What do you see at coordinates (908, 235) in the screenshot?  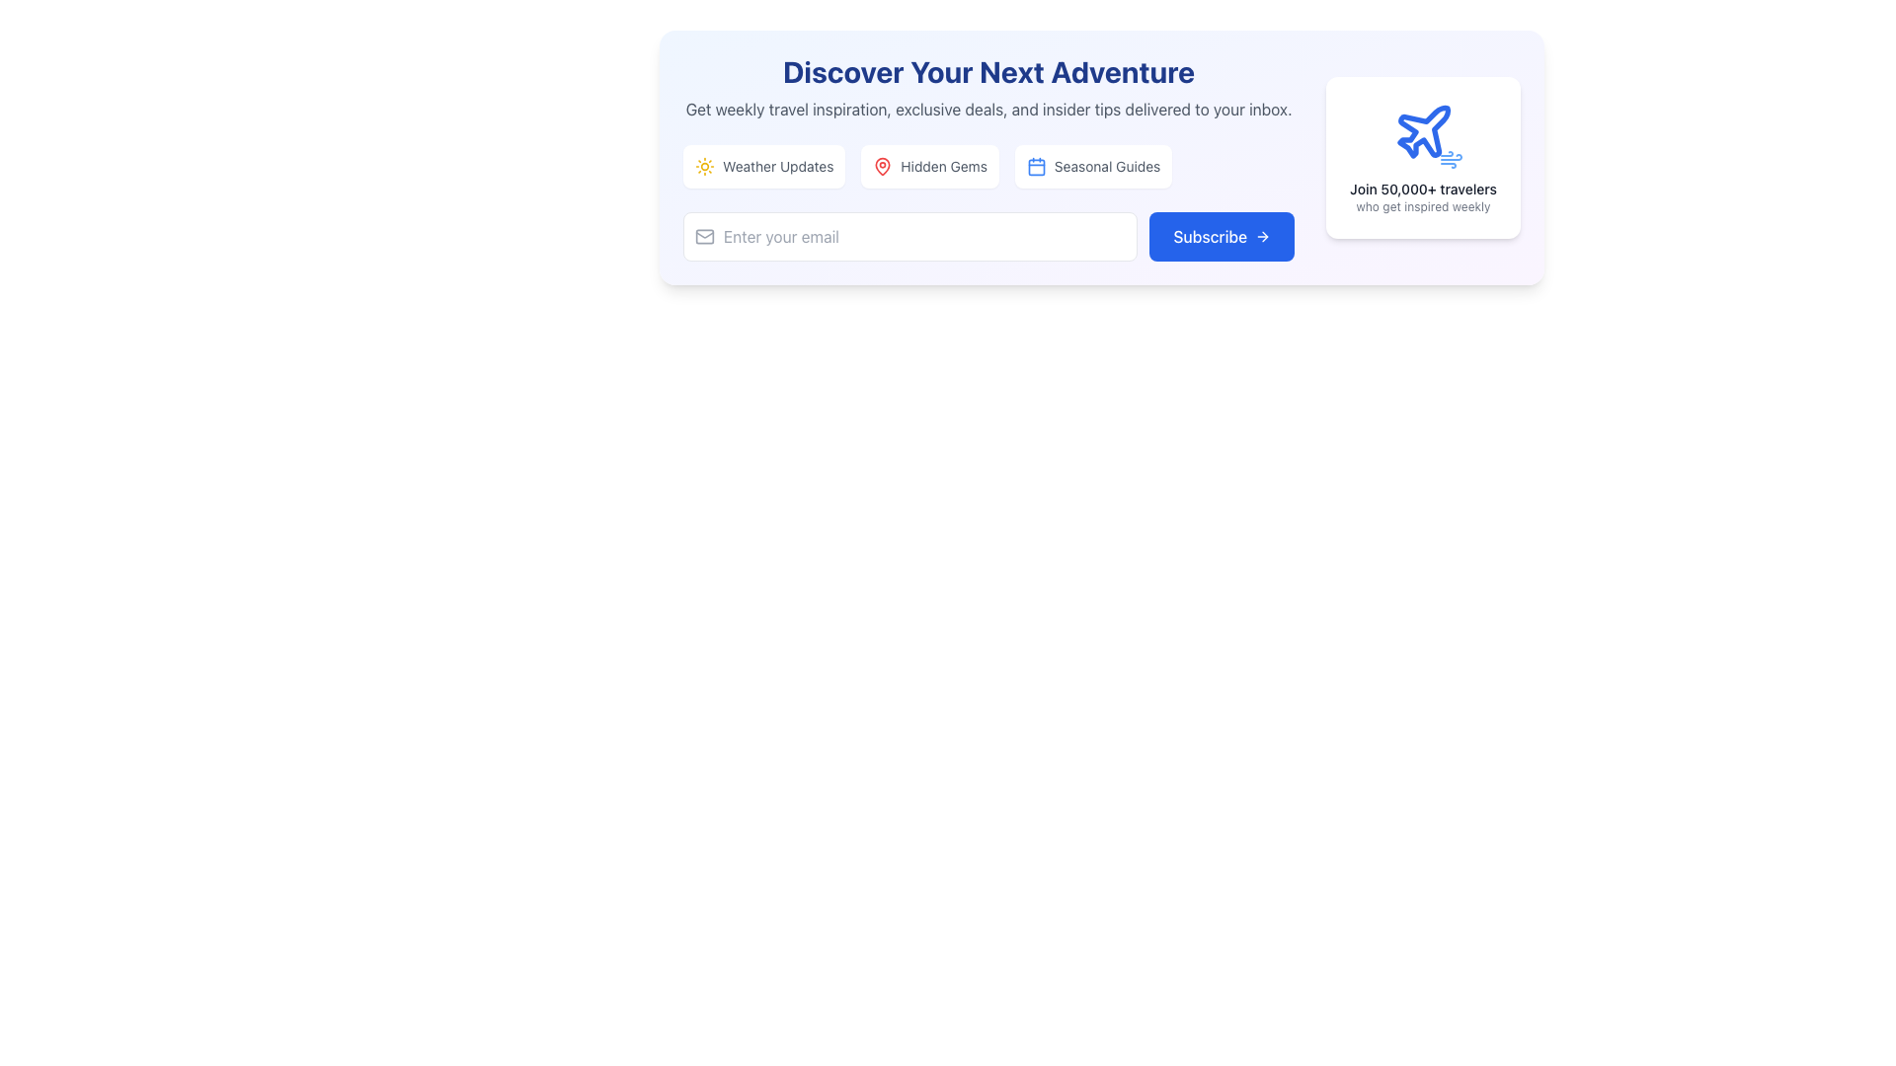 I see `the email input field to focus it, which is located to the left of the 'Subscribe' button in the center of its section` at bounding box center [908, 235].